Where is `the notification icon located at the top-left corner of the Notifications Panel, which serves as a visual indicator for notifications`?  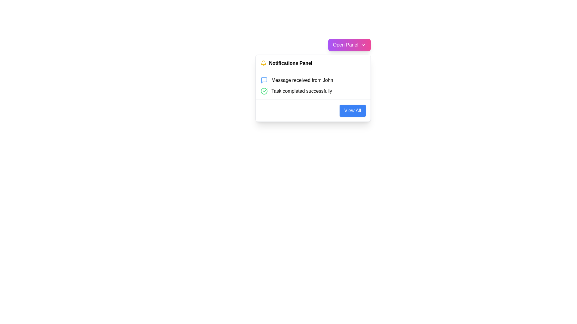 the notification icon located at the top-left corner of the Notifications Panel, which serves as a visual indicator for notifications is located at coordinates (264, 63).